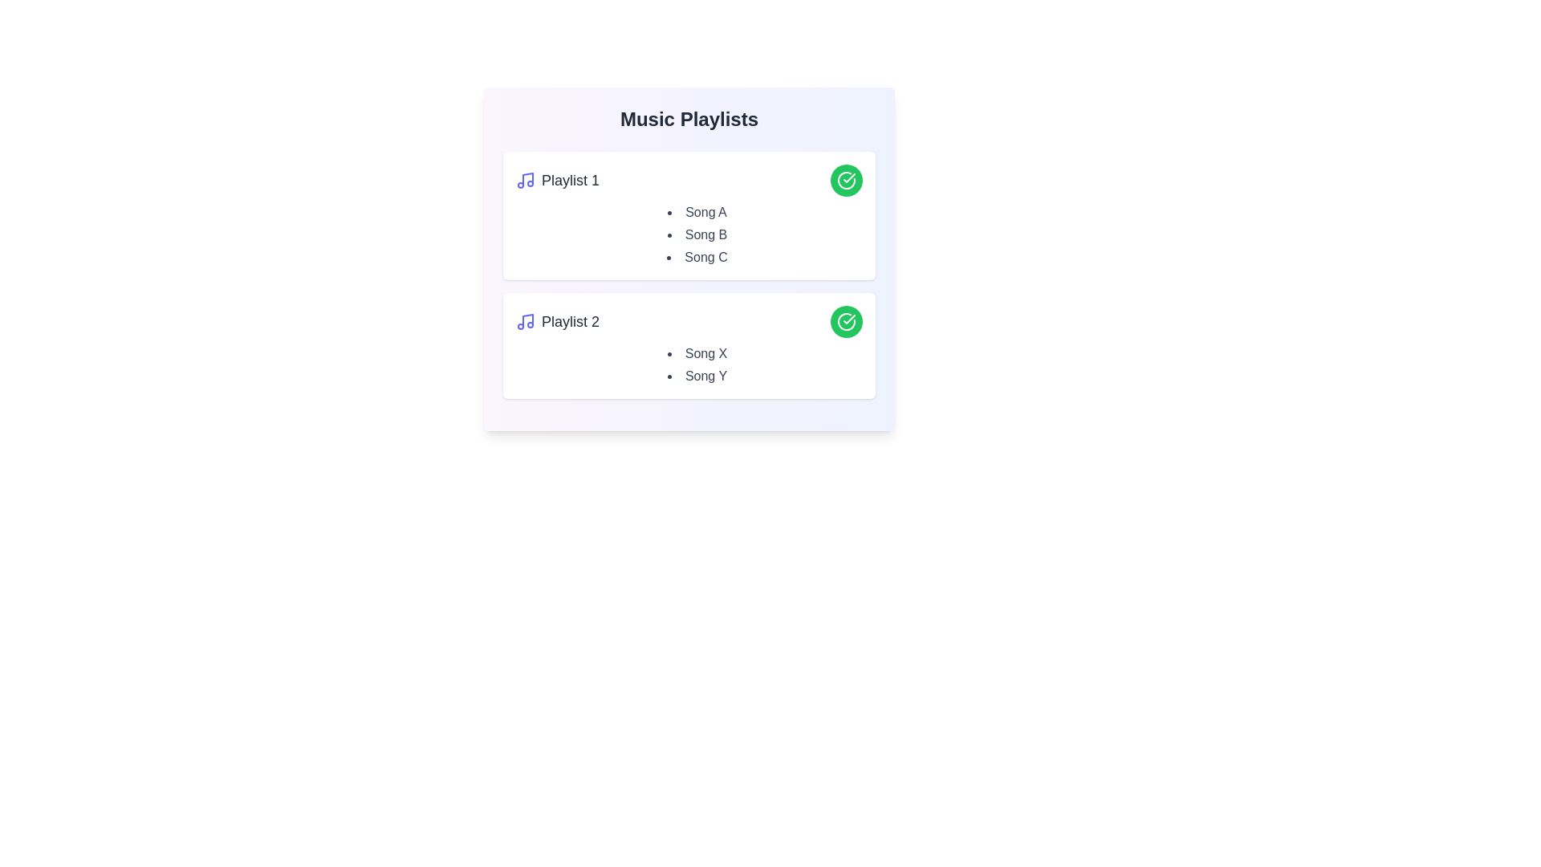 Image resolution: width=1541 pixels, height=867 pixels. Describe the element at coordinates (846, 180) in the screenshot. I see `the green circle button to toggle the 'liked' state of the playlist` at that location.